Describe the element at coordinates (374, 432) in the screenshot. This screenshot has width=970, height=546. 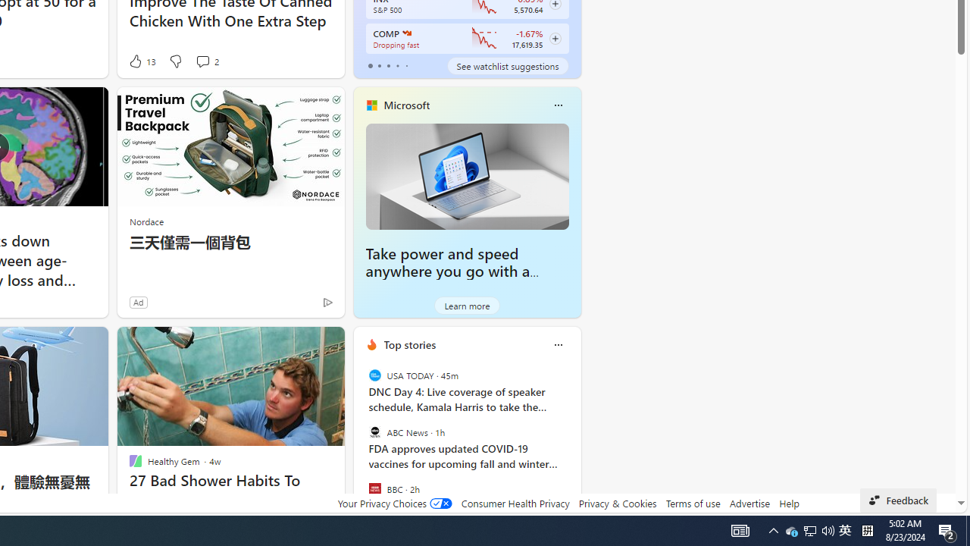
I see `'ABC News'` at that location.